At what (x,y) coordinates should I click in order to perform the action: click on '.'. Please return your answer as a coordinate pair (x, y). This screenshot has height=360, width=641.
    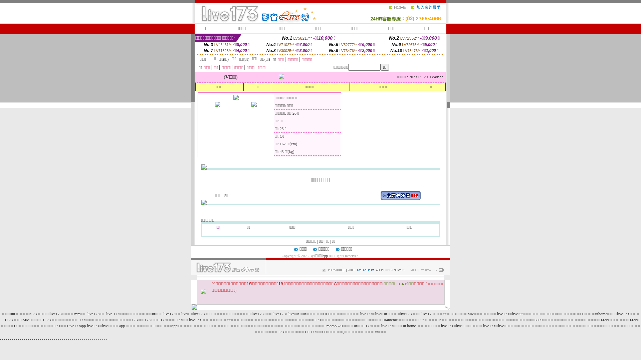
    Looking at the image, I should click on (98, 338).